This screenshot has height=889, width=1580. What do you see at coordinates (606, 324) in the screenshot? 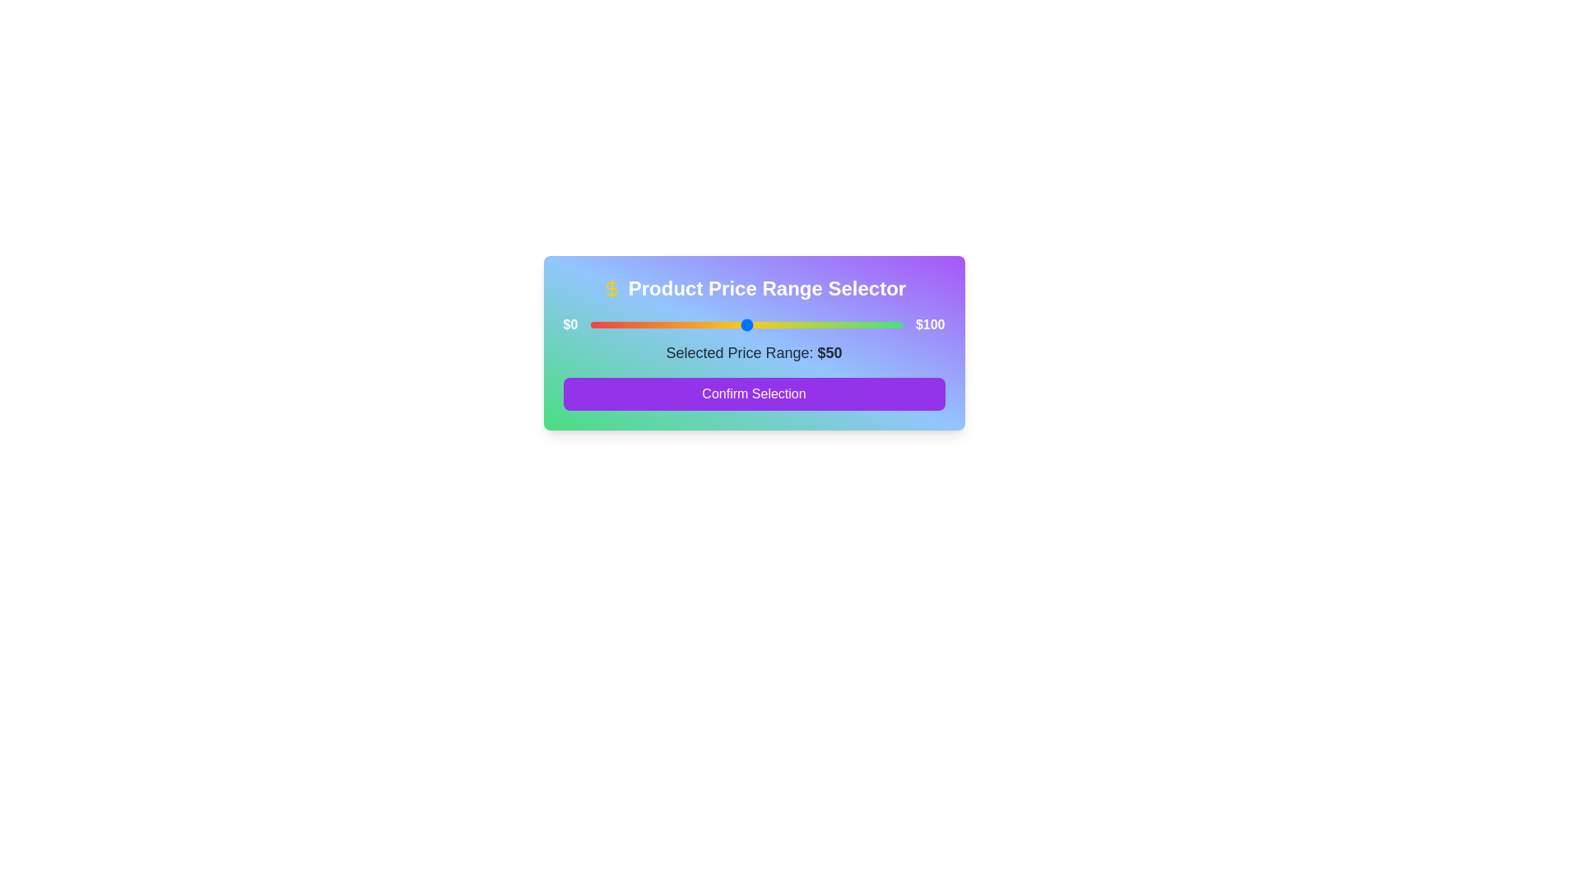
I see `the price range slider to set the value to 5` at bounding box center [606, 324].